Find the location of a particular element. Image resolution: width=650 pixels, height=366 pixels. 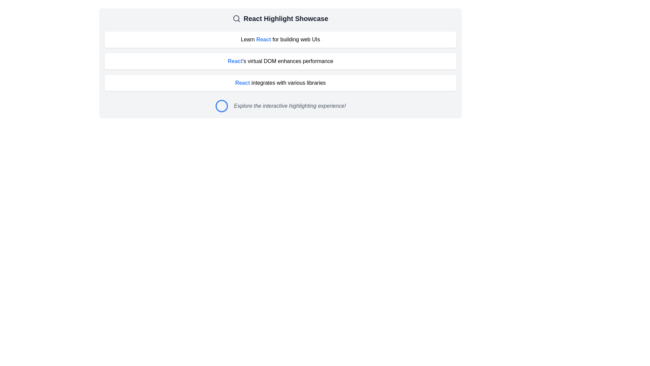

the Heading or Title Text located at the upper center of the interface, directly to the right of the search icon, which serves as the prominent title indicating the main theme of the page is located at coordinates (286, 18).